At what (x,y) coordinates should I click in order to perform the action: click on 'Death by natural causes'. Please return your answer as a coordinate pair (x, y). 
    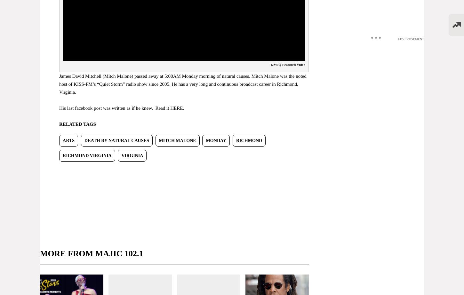
    Looking at the image, I should click on (116, 140).